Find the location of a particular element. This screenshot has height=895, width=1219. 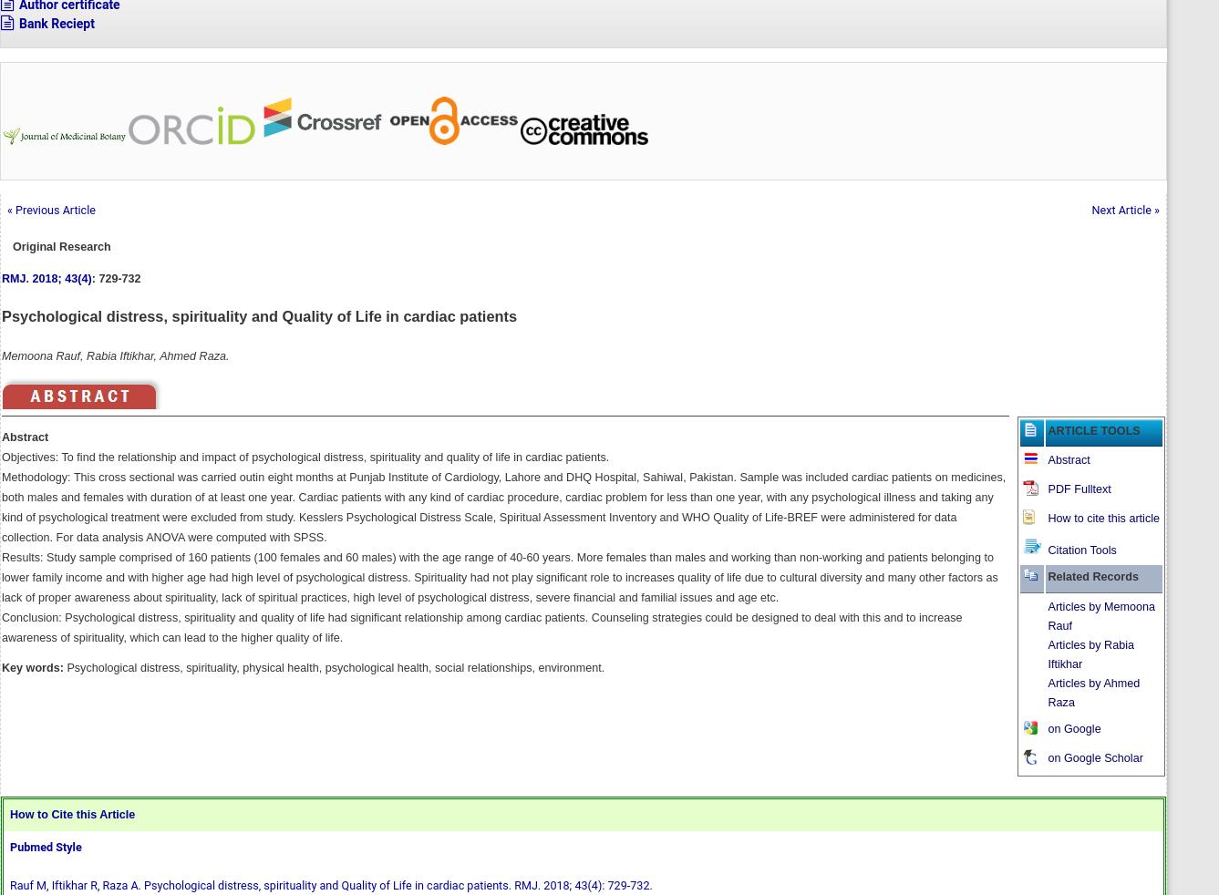

'Methodology: This cross sectional was carried outin eight months at Punjab Institute of Cardiology, Lahore and DHQ Hospital, Sahiwal, Pakistan. Sample was included cardiac patients on medicines, both males and females with duration of at least one year. Cardiac patients with any kind of cardiac procedure, cardiac problem for less than one year, with any psychological illness and taking any kind of psychological treatment were excluded from study. Kesslers Psychological Distress Scale, Spiritual Assessment Inventory and WHO Quality of Life-BREF were administered for data collection. For data analysis ANOVA were computed with SPSS.' is located at coordinates (2, 506).